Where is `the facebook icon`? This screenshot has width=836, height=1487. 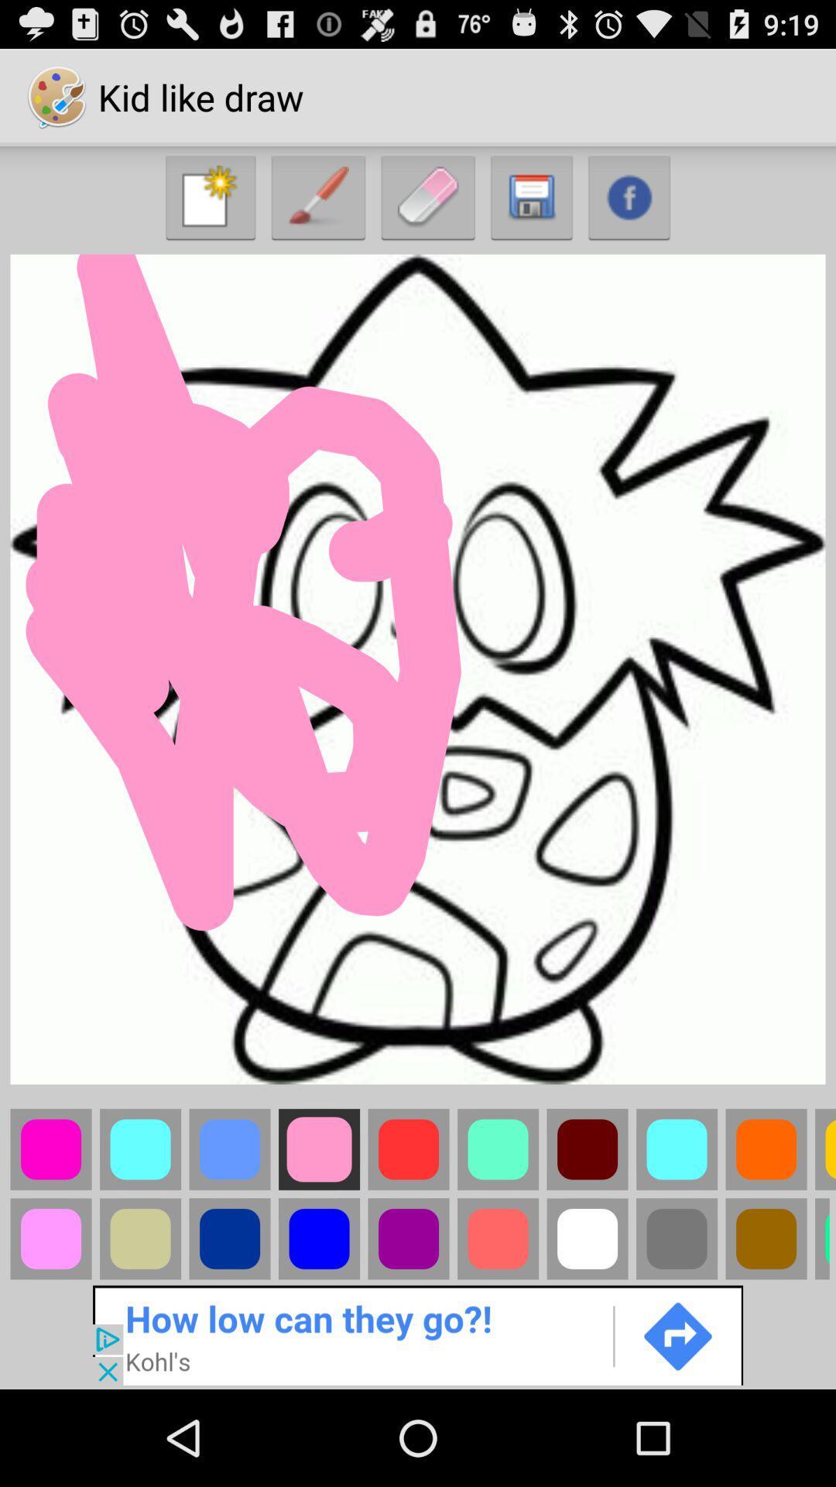
the facebook icon is located at coordinates (629, 210).